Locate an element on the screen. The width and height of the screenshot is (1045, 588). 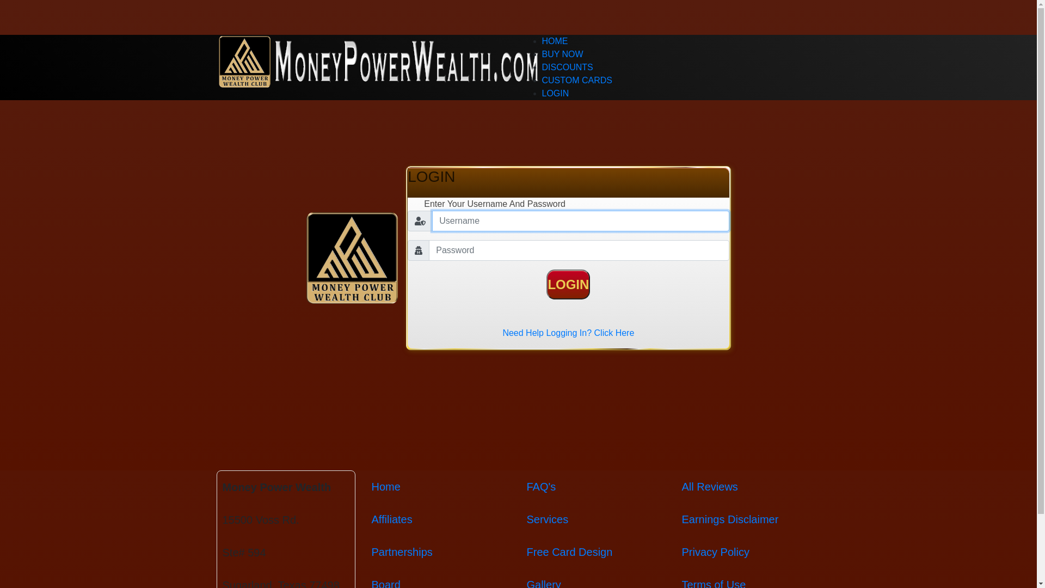
'CUSTOM CARDS' is located at coordinates (576, 79).